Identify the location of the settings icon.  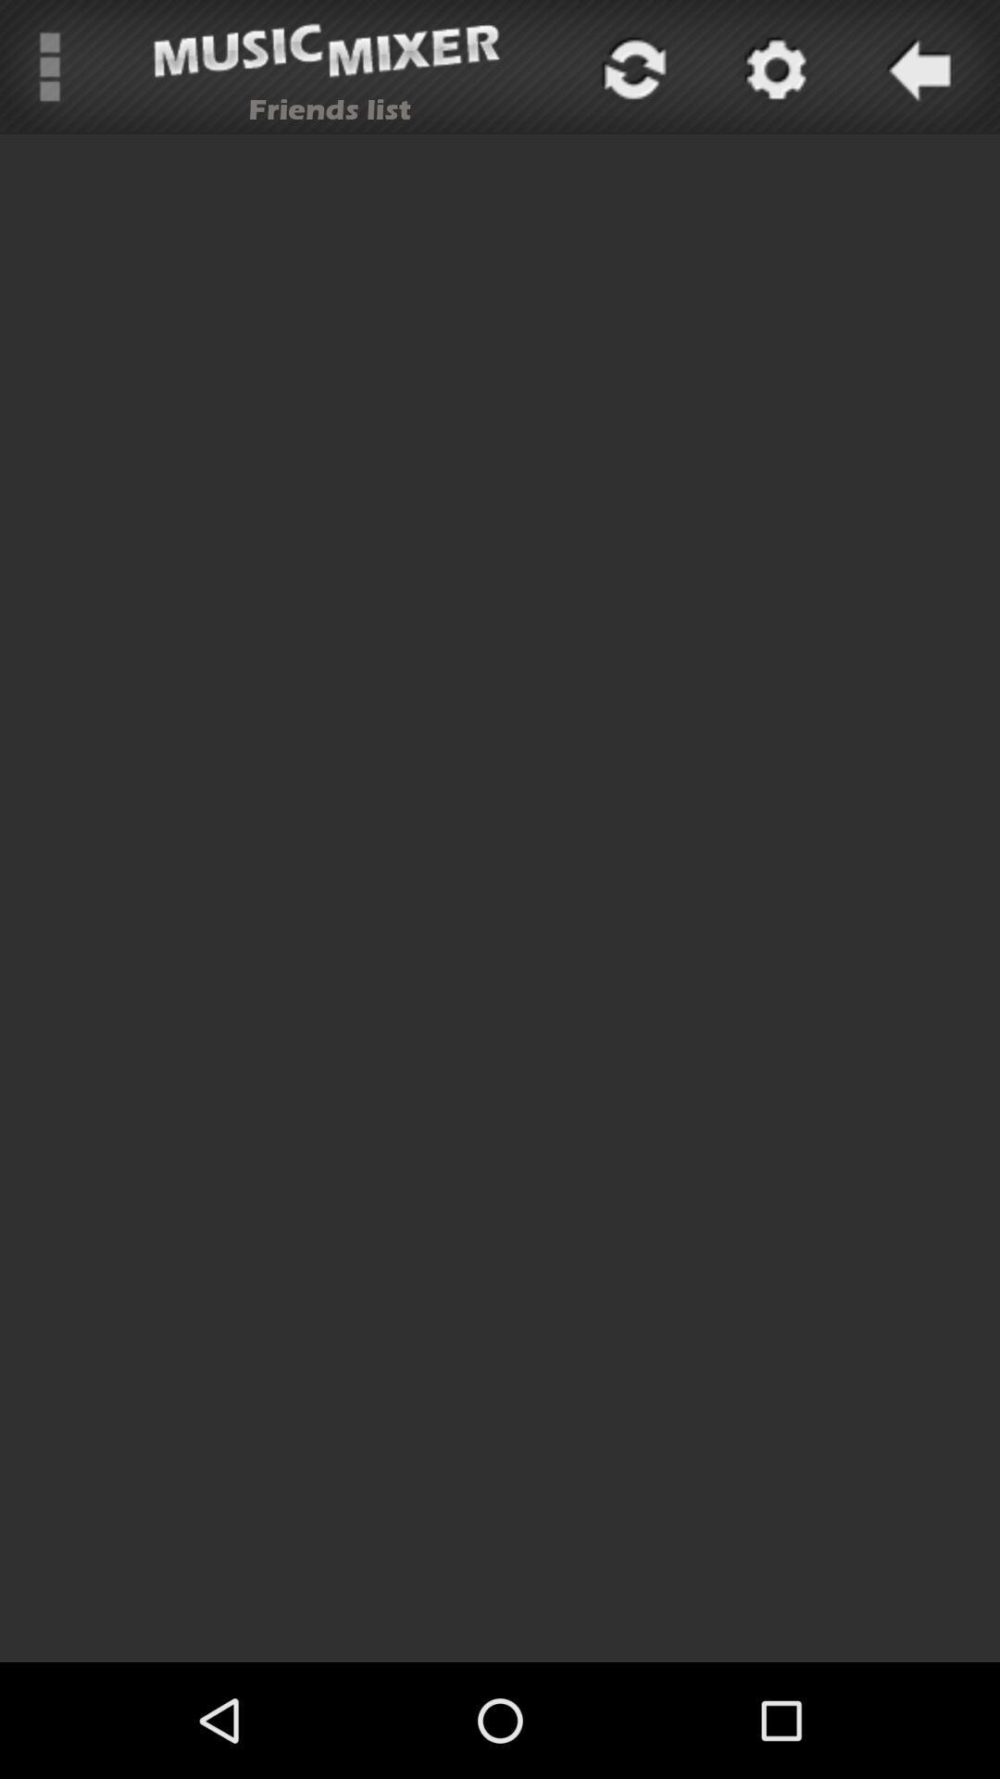
(773, 71).